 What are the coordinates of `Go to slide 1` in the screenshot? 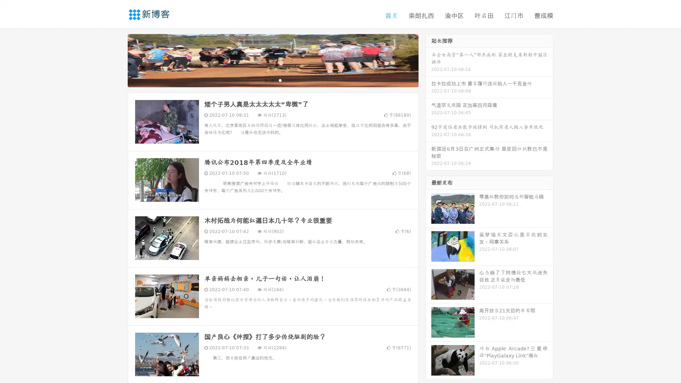 It's located at (265, 80).